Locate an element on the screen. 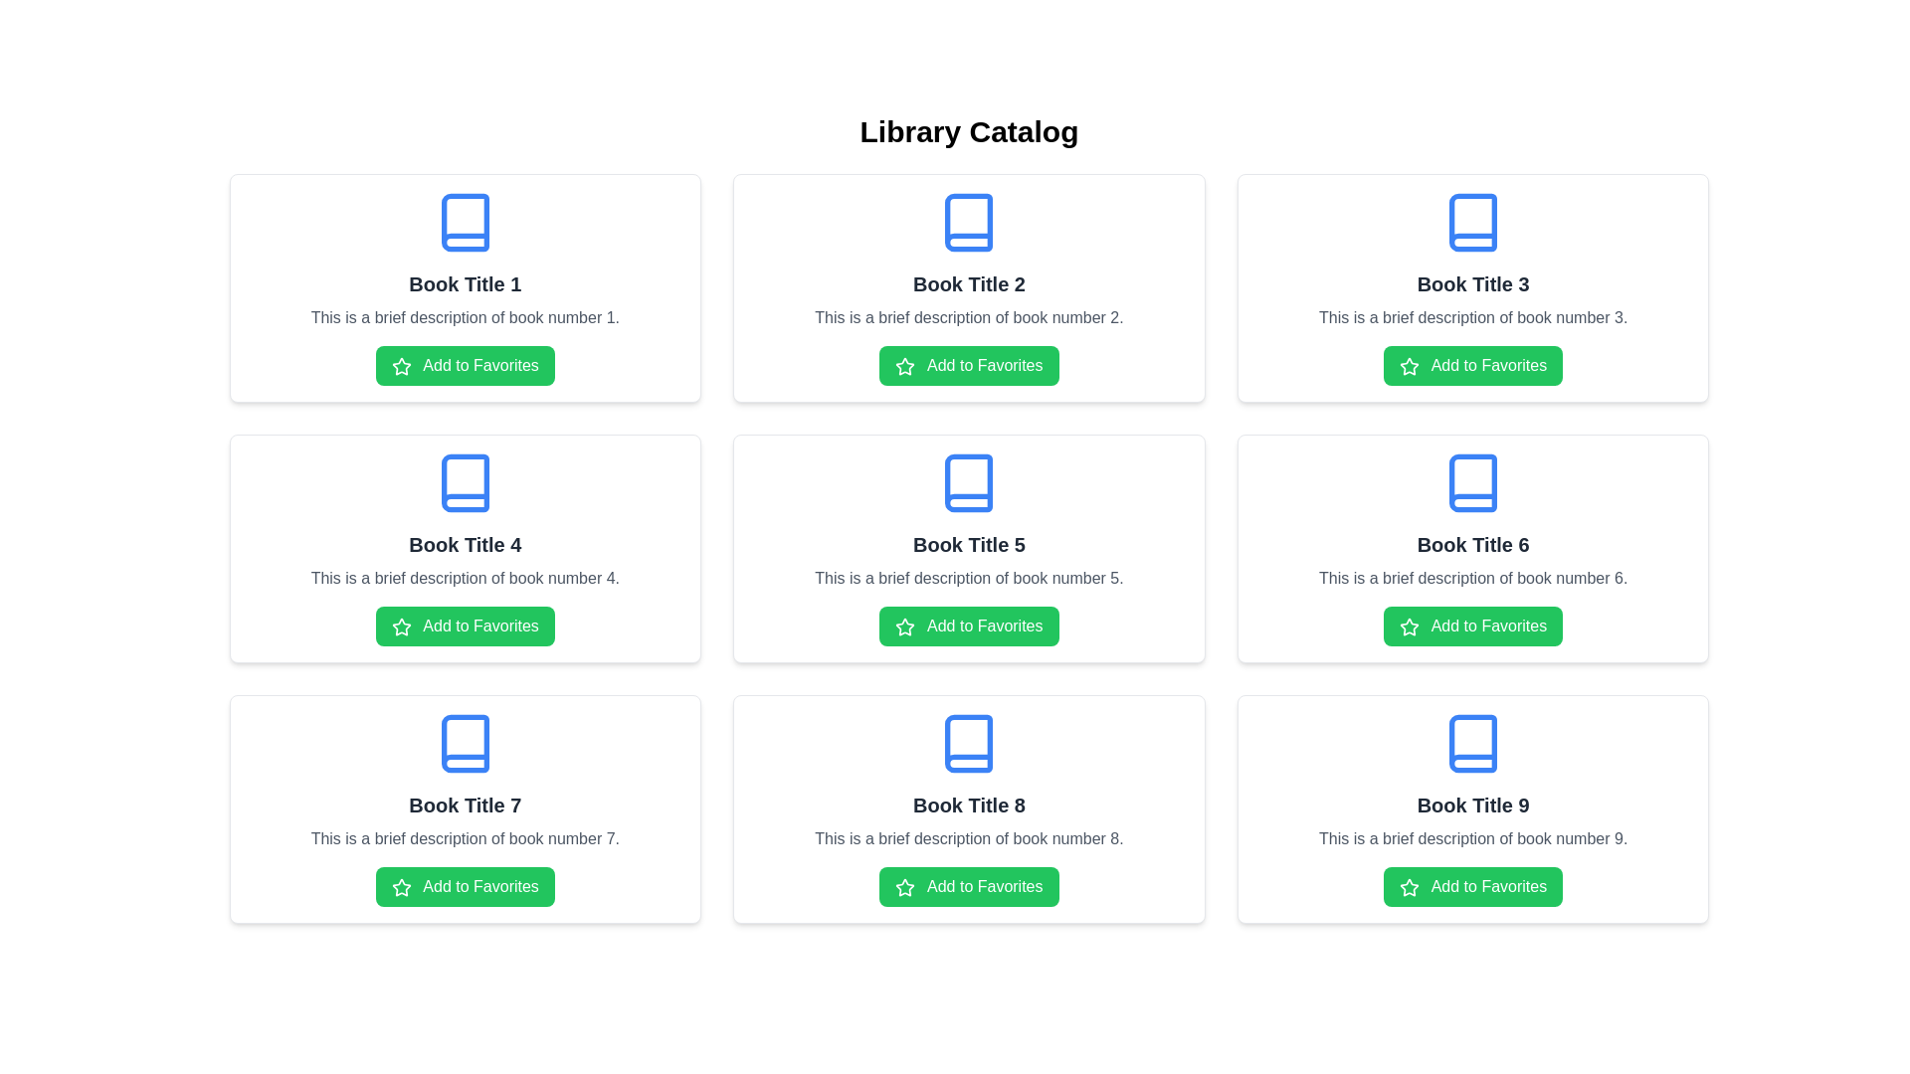 This screenshot has height=1074, width=1910. the bold text label displaying 'Book Title 3' which is centrally located in the third card of the top row, positioned above the description text is located at coordinates (1473, 283).